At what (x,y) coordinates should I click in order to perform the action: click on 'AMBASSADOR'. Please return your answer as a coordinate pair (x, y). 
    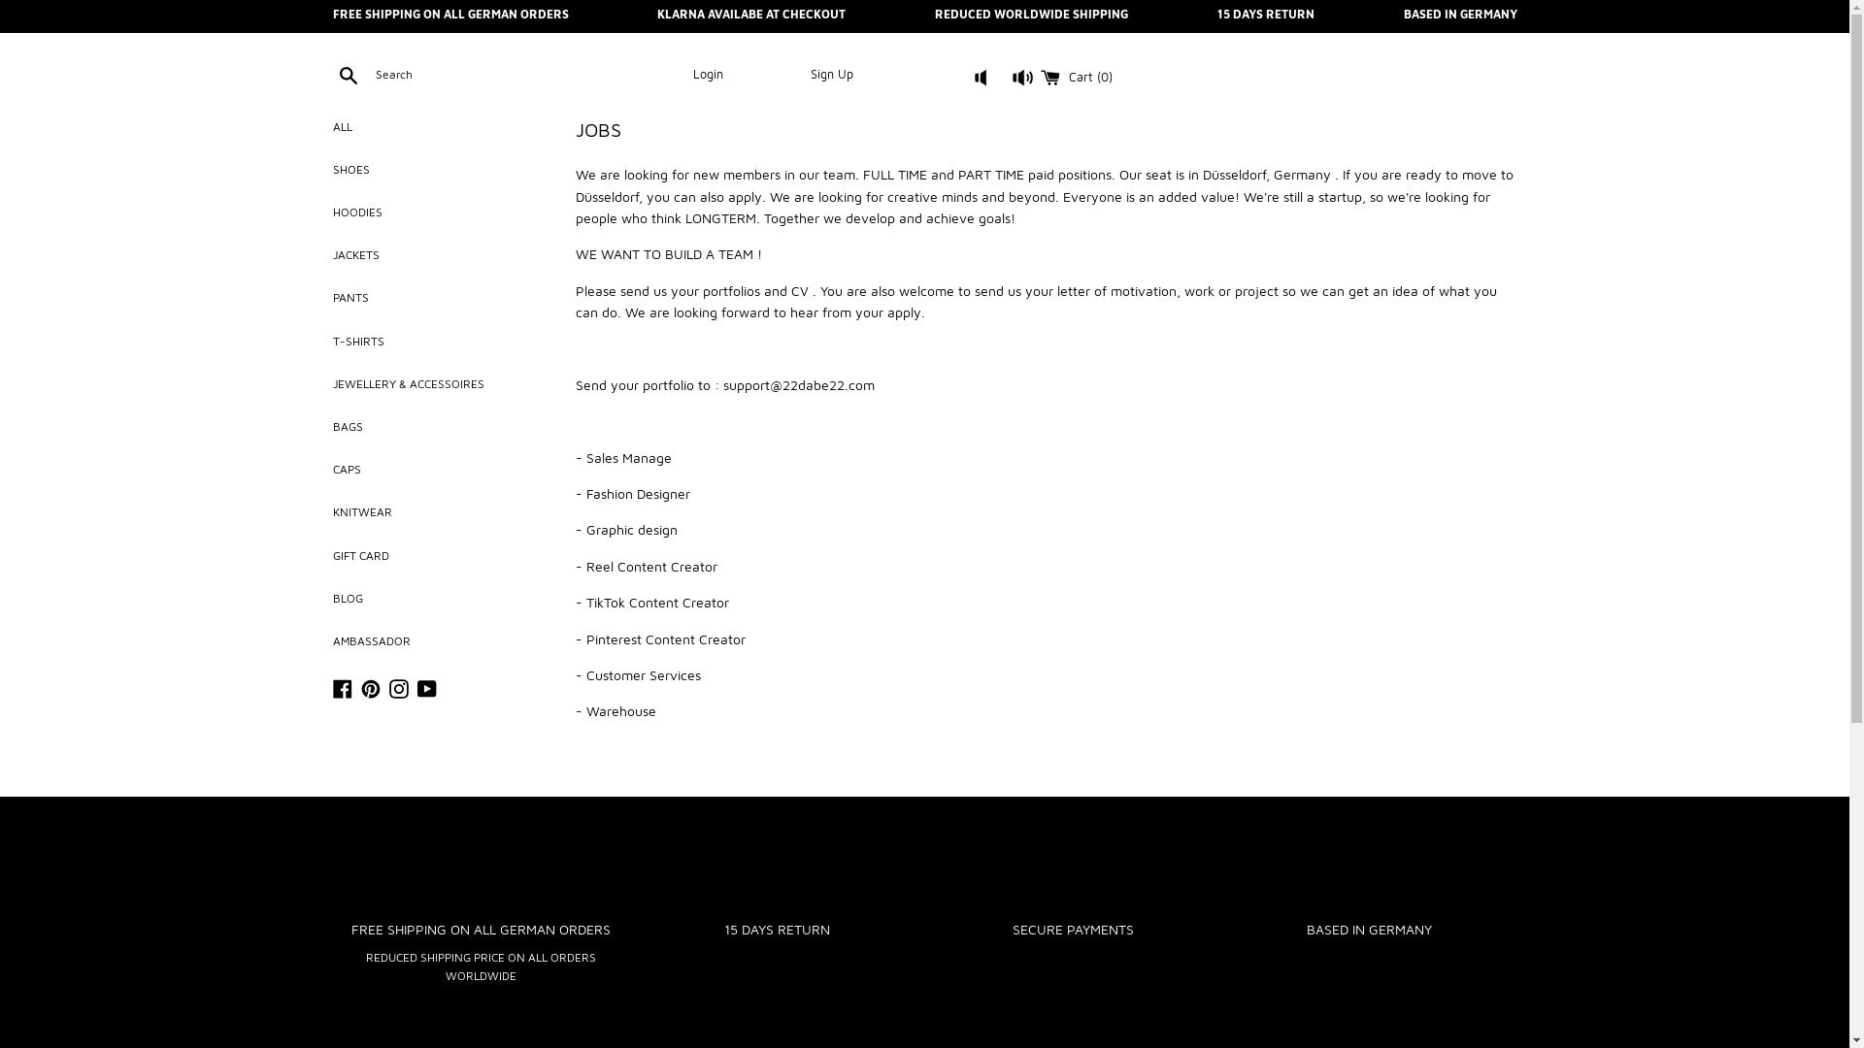
    Looking at the image, I should click on (331, 640).